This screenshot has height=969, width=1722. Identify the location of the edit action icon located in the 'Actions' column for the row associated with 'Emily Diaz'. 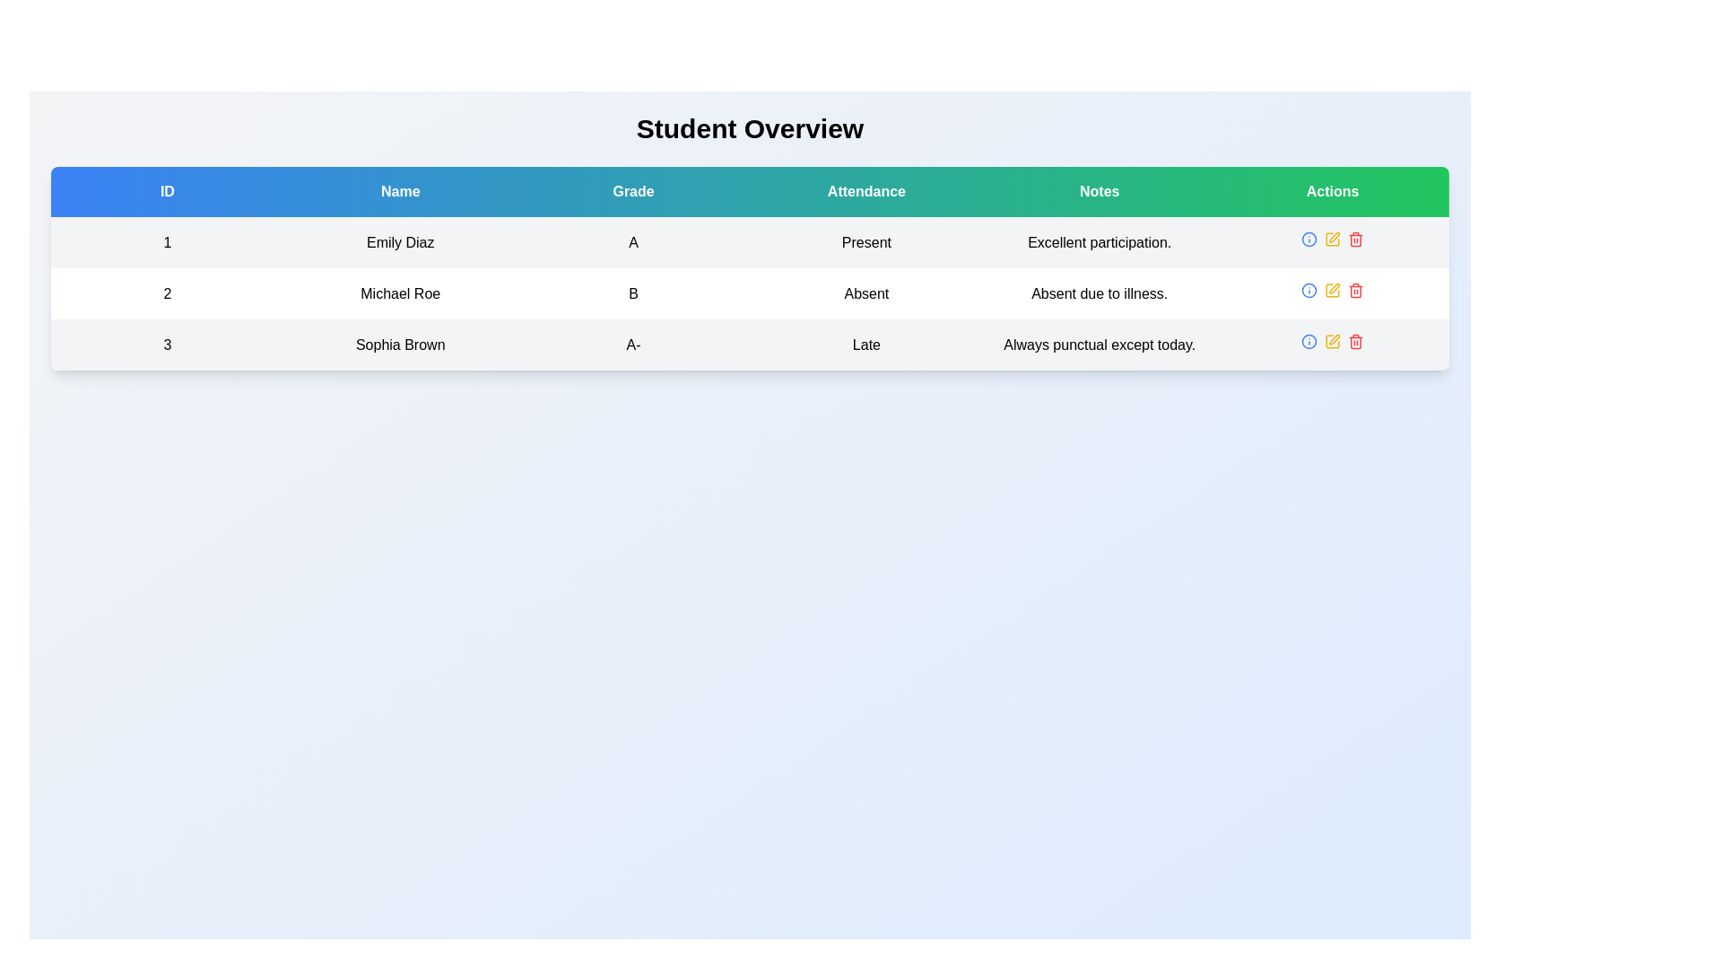
(1333, 238).